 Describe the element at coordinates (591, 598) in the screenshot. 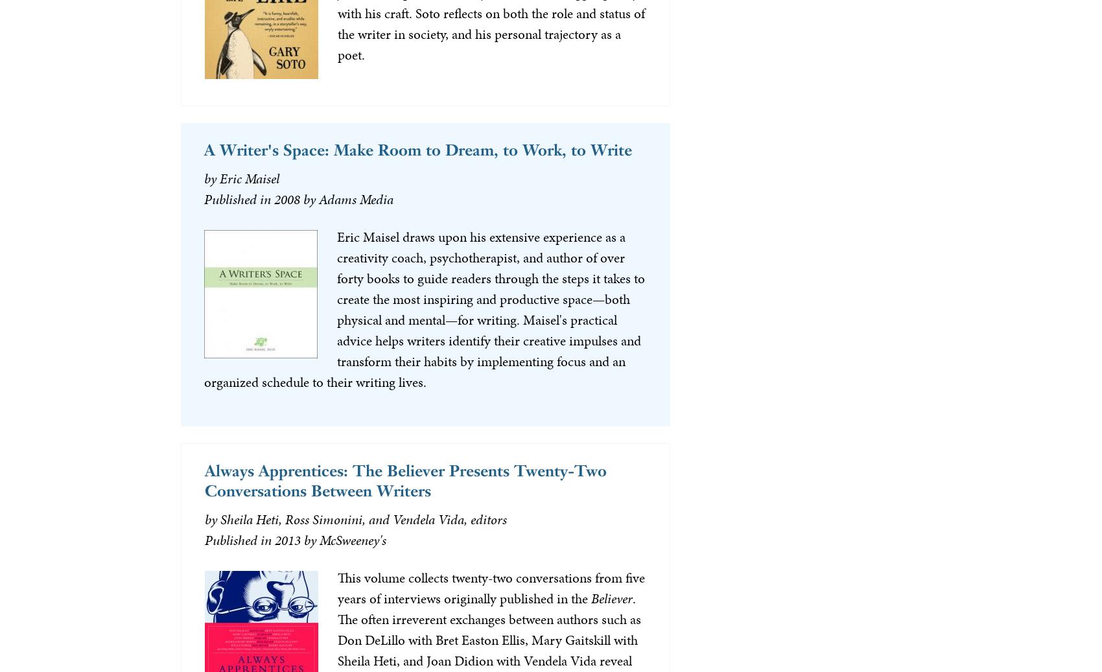

I see `'Believer'` at that location.